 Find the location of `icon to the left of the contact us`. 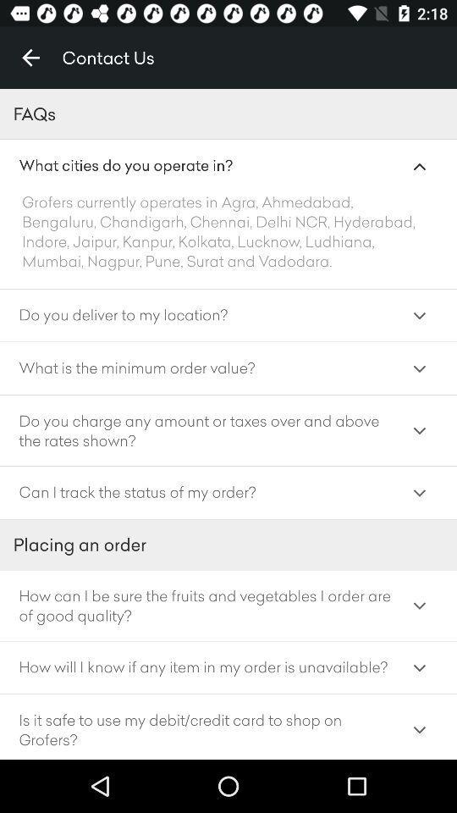

icon to the left of the contact us is located at coordinates (30, 58).